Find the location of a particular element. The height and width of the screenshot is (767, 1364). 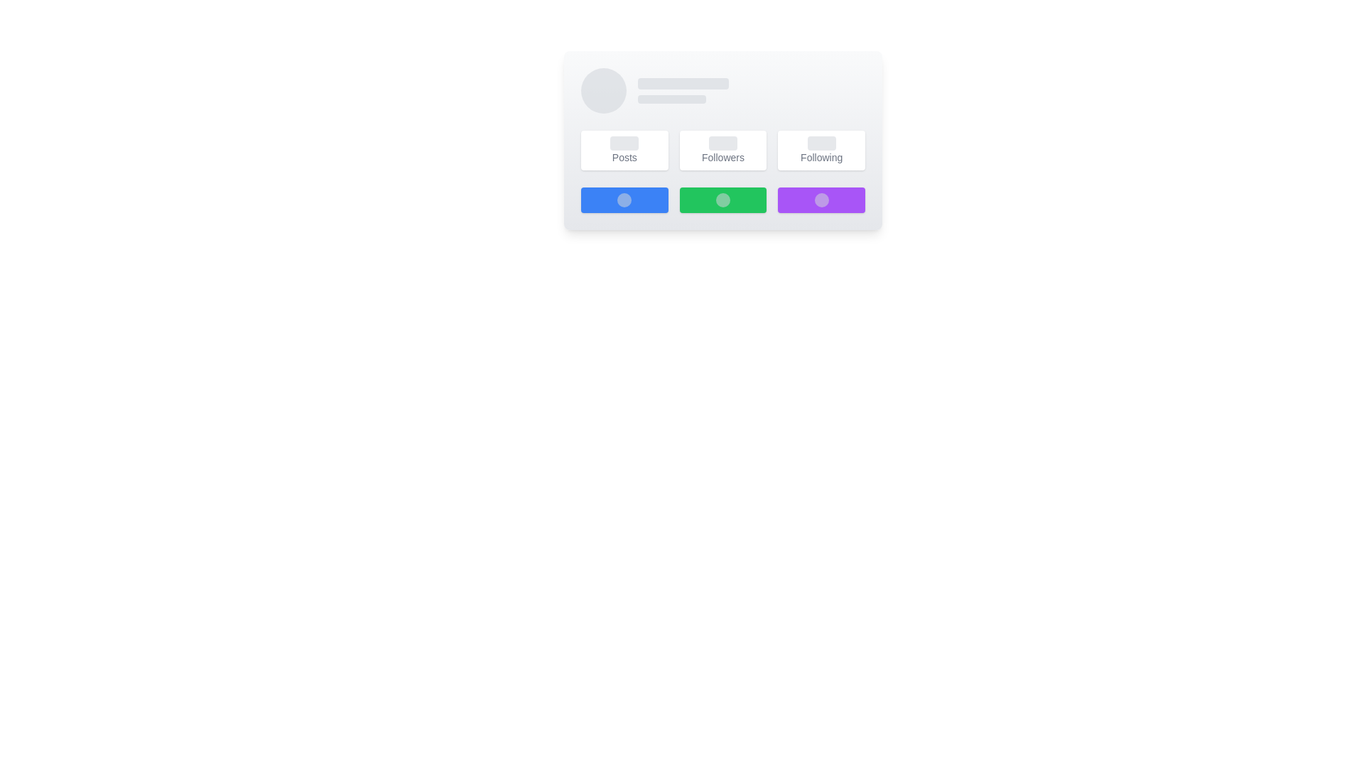

the 'Followers' informational button, which is a rectangular button with a white background and rounded corners, located centrally beneath the user profile section is located at coordinates (722, 151).